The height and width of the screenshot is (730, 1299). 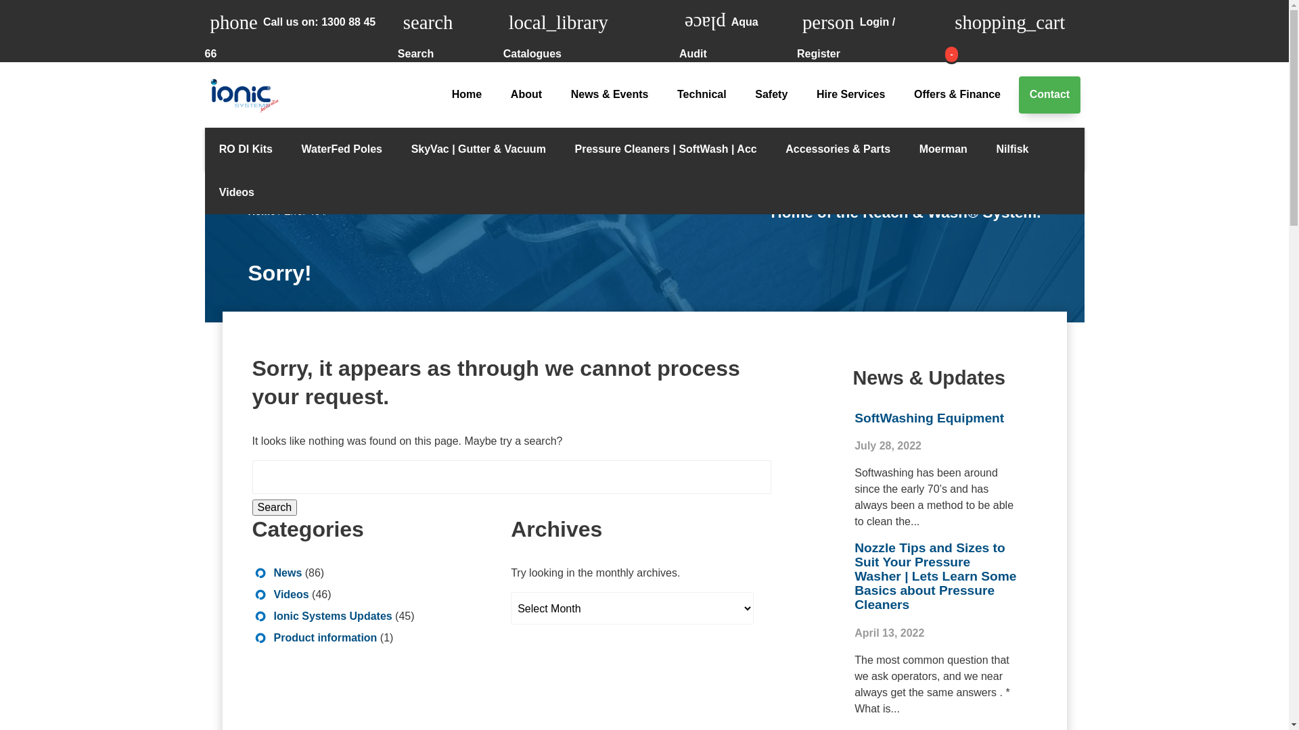 I want to click on 'Technical', so click(x=702, y=94).